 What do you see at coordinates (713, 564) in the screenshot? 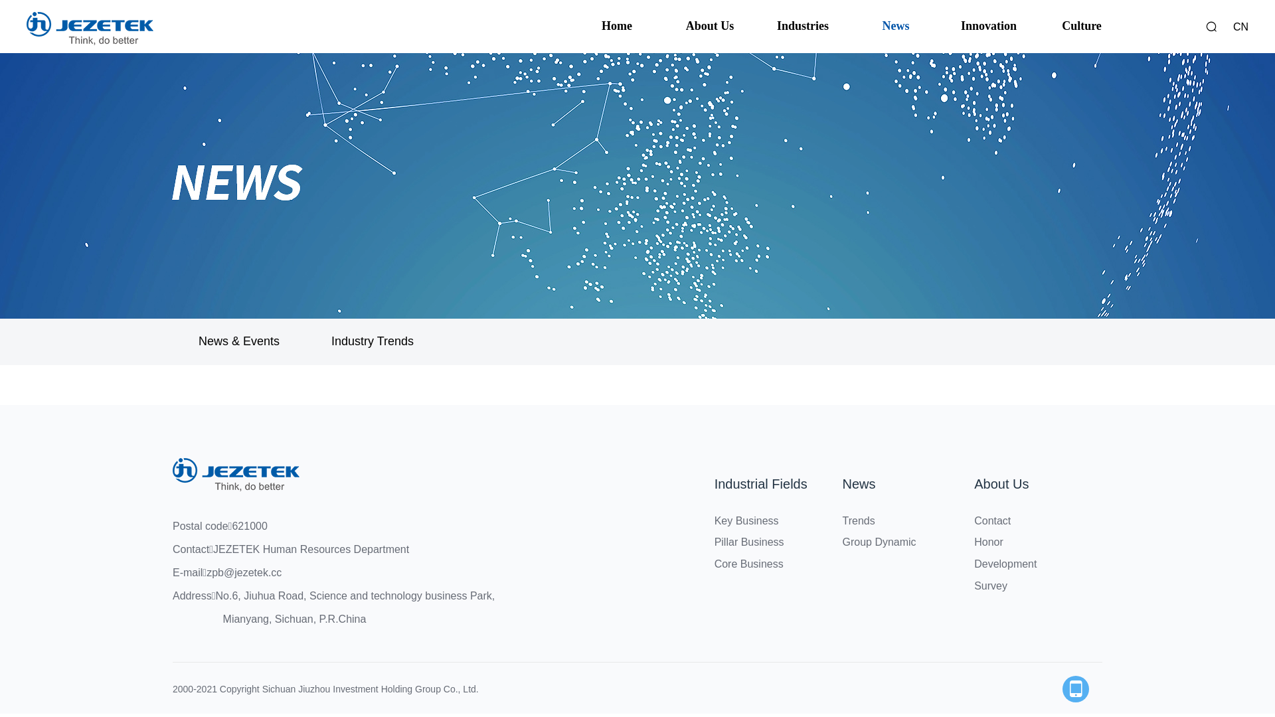
I see `'Core Business'` at bounding box center [713, 564].